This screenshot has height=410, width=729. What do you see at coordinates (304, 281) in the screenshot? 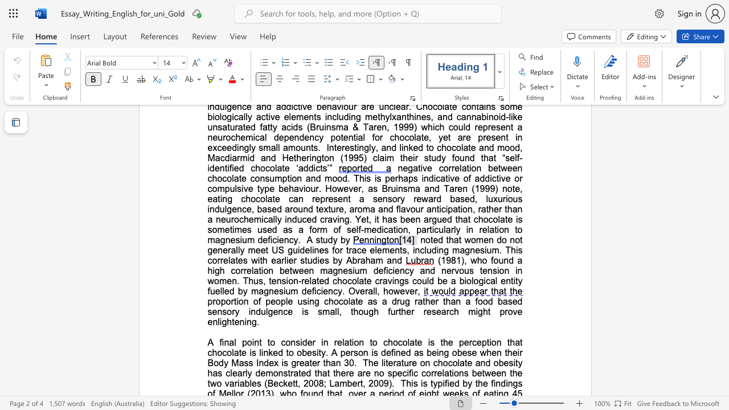
I see `the subset text "elated chocolate cravings could be a biological entity fuelled by magnesium deficiency" within the text "(1981), who found a high correlation between magnesium deficiency and nervous tension in women. Thus, tension-related chocolate cravings could be a biological entity fuelled by magnesium deficiency. Overall, however,"` at bounding box center [304, 281].